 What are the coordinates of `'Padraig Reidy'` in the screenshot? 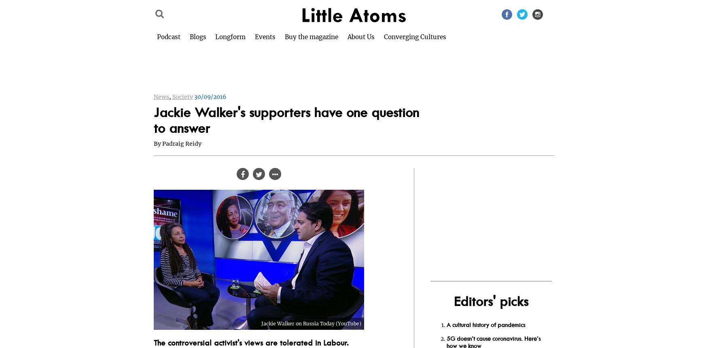 It's located at (161, 144).